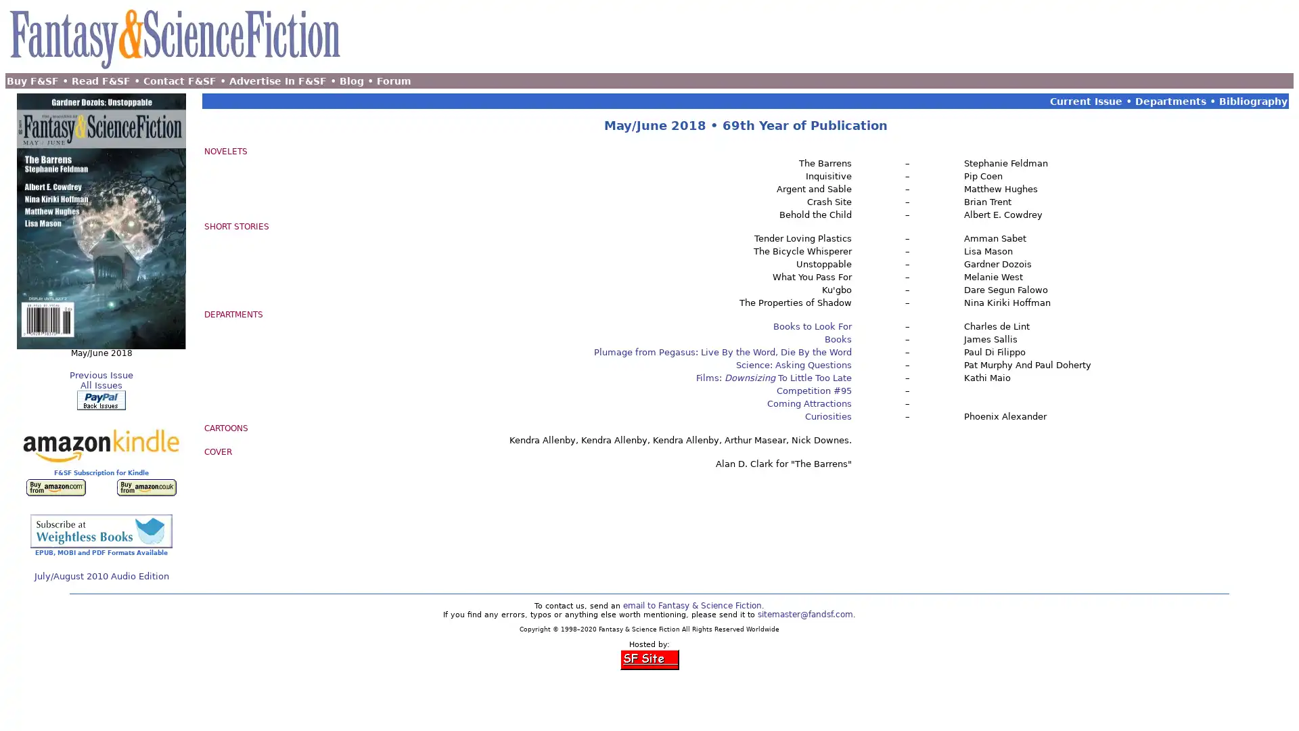 The height and width of the screenshot is (731, 1299). What do you see at coordinates (100, 399) in the screenshot?
I see `$8.99 - May/June 2018 issue of The Magazine of Fantasy & Science Fiction + $2.00 - Postage` at bounding box center [100, 399].